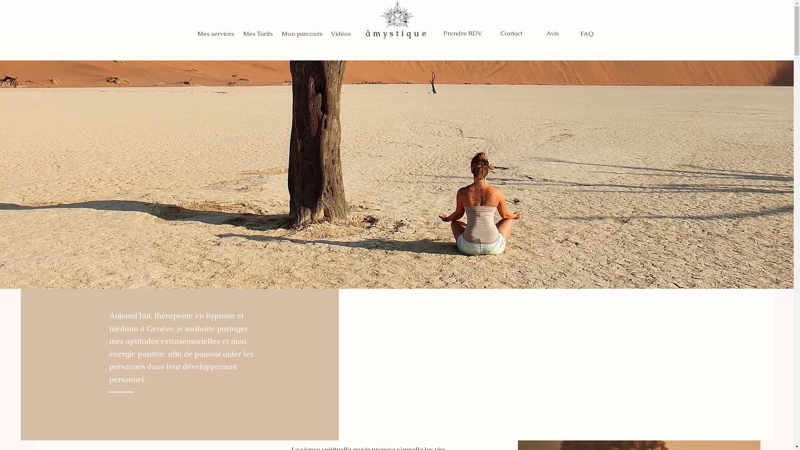 This screenshot has height=450, width=800. Describe the element at coordinates (215, 33) in the screenshot. I see `'Mes services'` at that location.